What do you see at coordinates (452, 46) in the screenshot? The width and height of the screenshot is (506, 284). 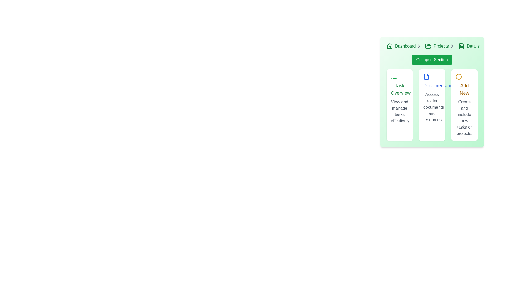 I see `the chevron arrow icon in the breadcrumb navigation bar located at the top of the card interface, which is styled with a thin gray stroke and positioned between 'Projects' and 'Details'` at bounding box center [452, 46].